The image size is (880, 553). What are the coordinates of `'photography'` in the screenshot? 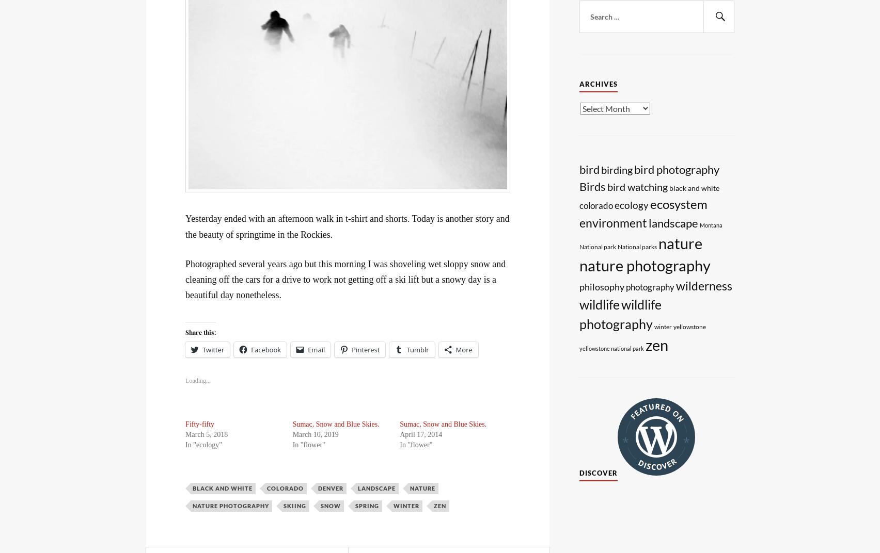 It's located at (625, 286).